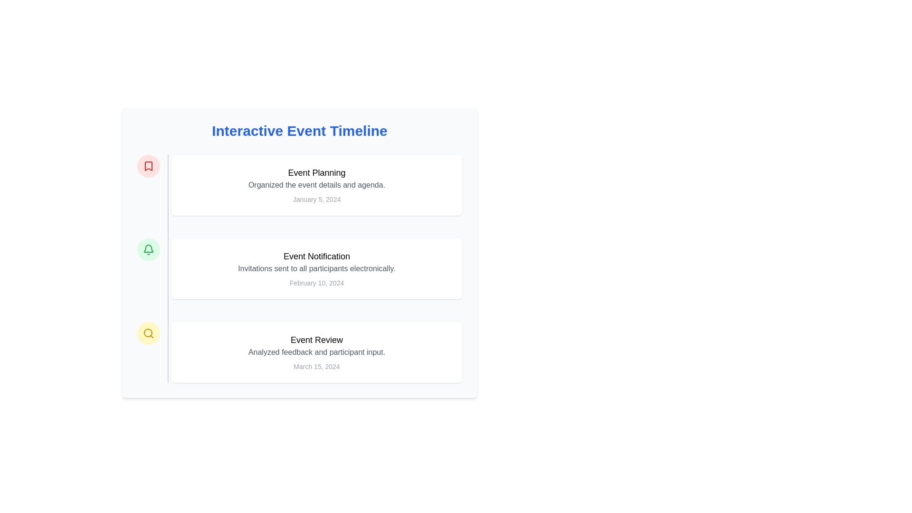 This screenshot has height=513, width=912. Describe the element at coordinates (148, 249) in the screenshot. I see `the bell icon within a circular button located on the left side of the interface` at that location.